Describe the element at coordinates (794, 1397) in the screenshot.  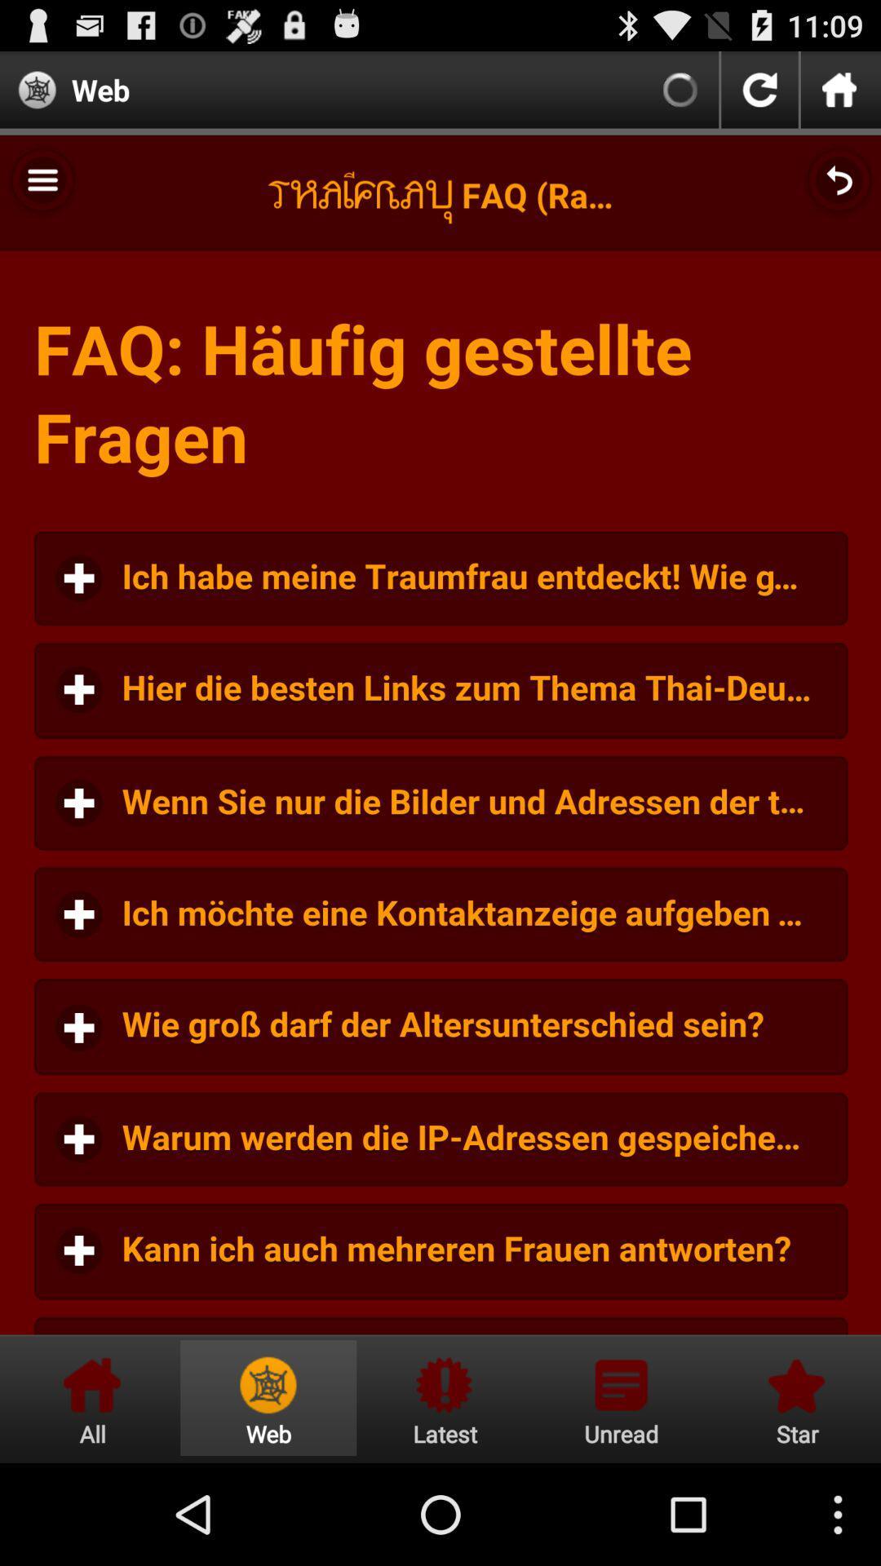
I see `favorites` at that location.